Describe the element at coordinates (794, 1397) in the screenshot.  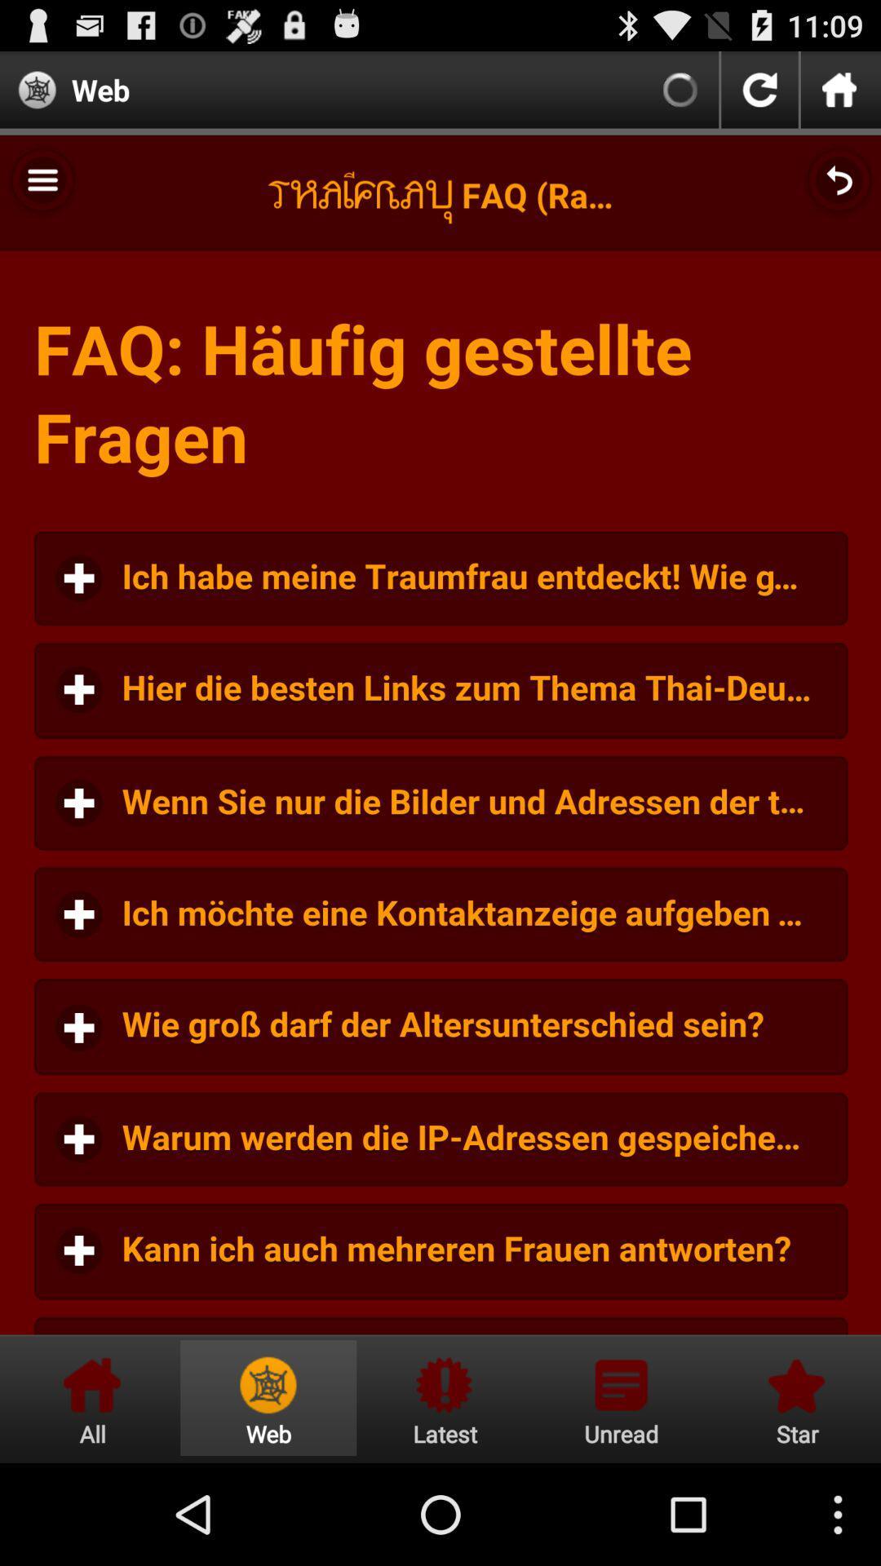
I see `favorites` at that location.